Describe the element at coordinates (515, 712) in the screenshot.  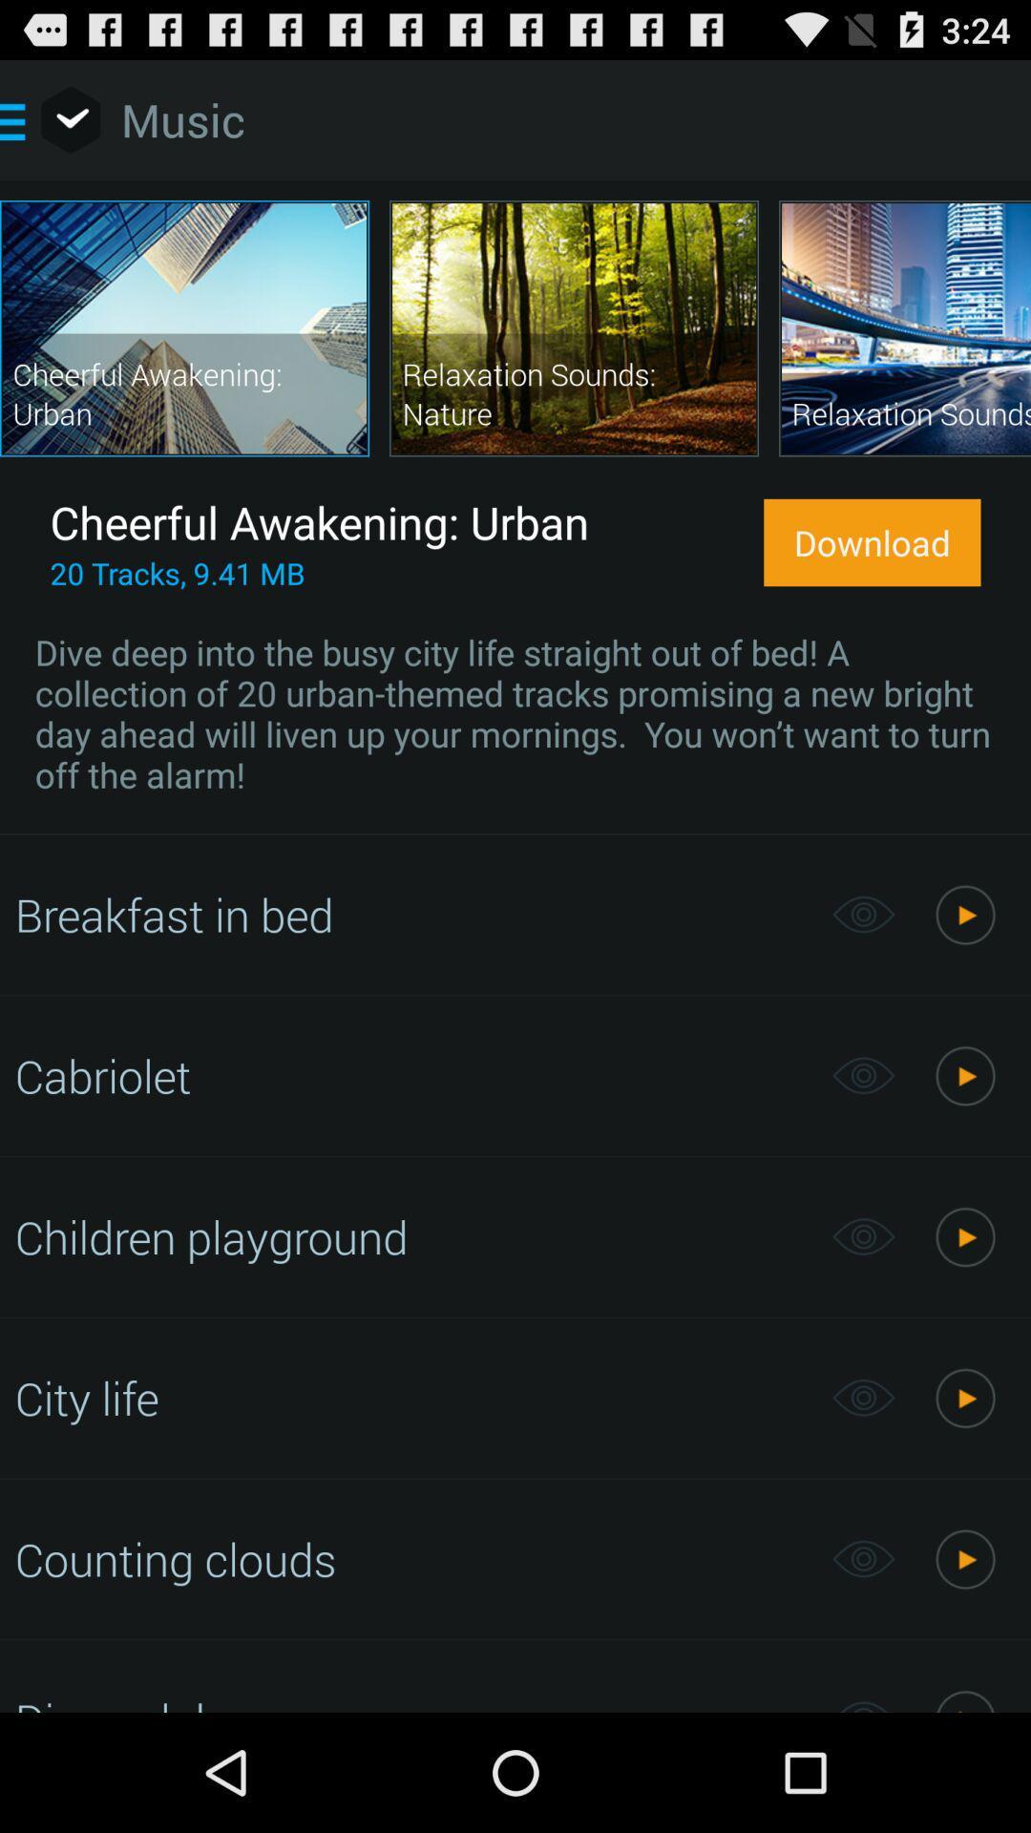
I see `dive deep into item` at that location.